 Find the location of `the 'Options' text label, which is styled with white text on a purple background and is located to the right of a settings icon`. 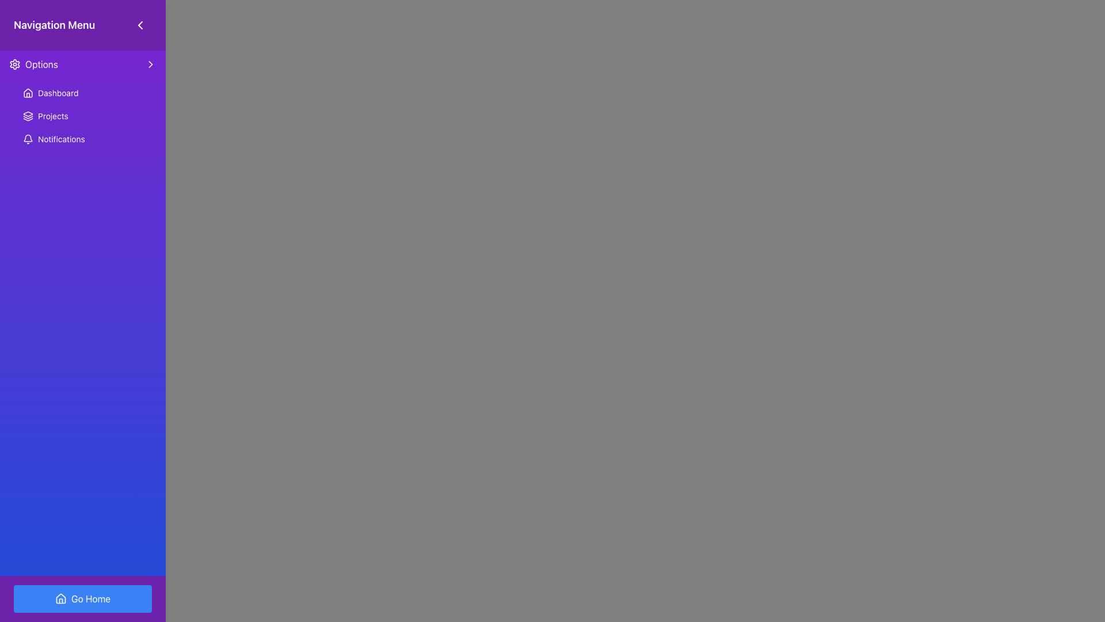

the 'Options' text label, which is styled with white text on a purple background and is located to the right of a settings icon is located at coordinates (41, 64).